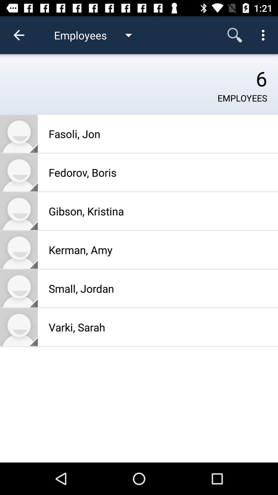  What do you see at coordinates (19, 288) in the screenshot?
I see `see phone contact` at bounding box center [19, 288].